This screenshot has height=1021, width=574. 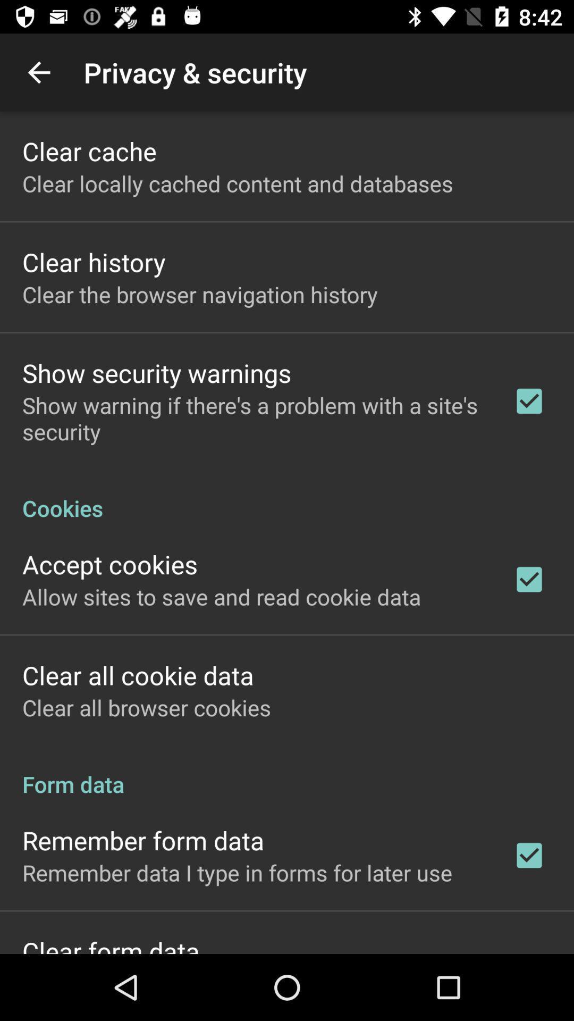 I want to click on the accept cookies item, so click(x=110, y=564).